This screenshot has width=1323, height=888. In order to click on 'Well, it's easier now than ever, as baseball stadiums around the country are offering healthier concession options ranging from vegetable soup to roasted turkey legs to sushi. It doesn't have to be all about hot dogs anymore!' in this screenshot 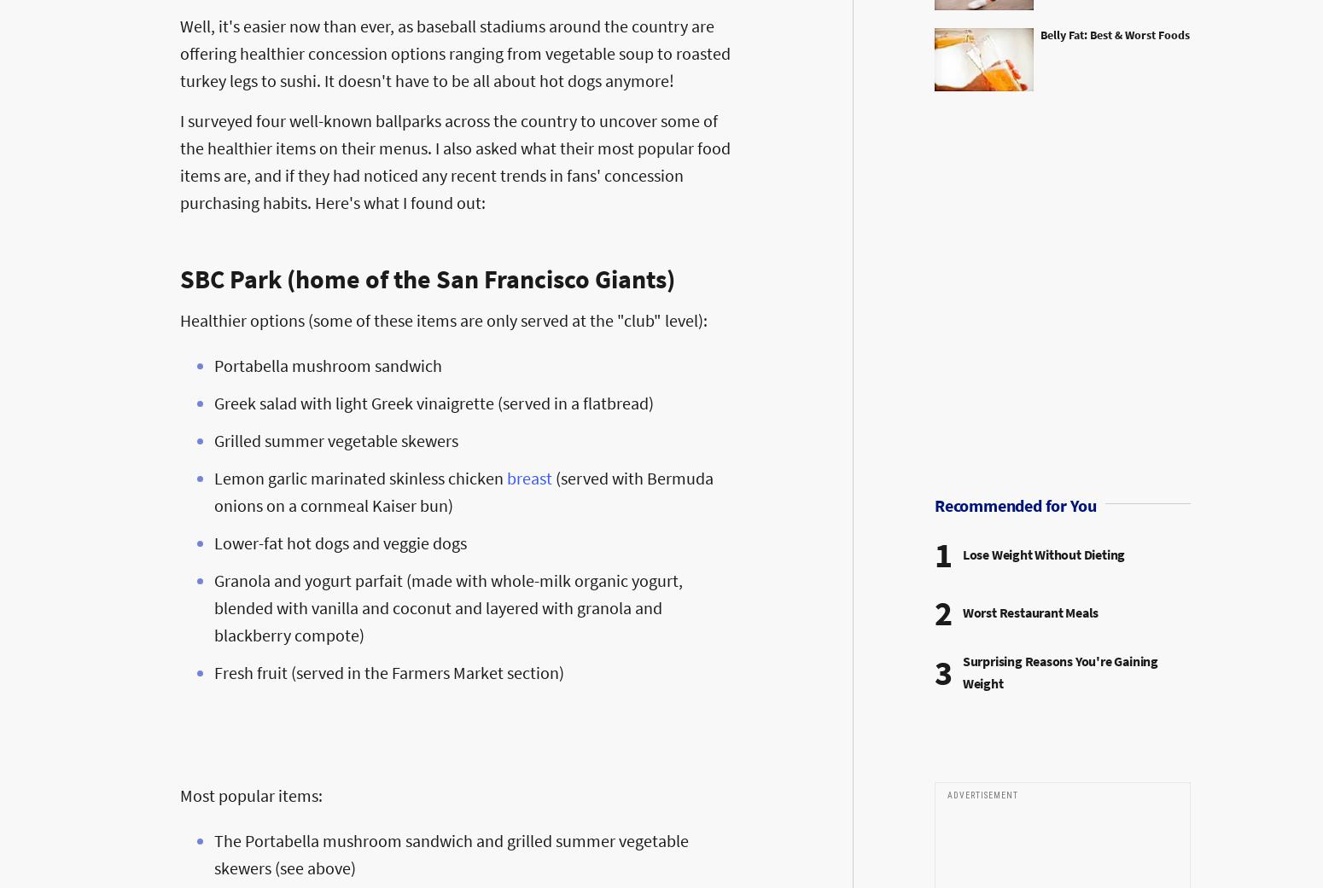, I will do `click(454, 52)`.